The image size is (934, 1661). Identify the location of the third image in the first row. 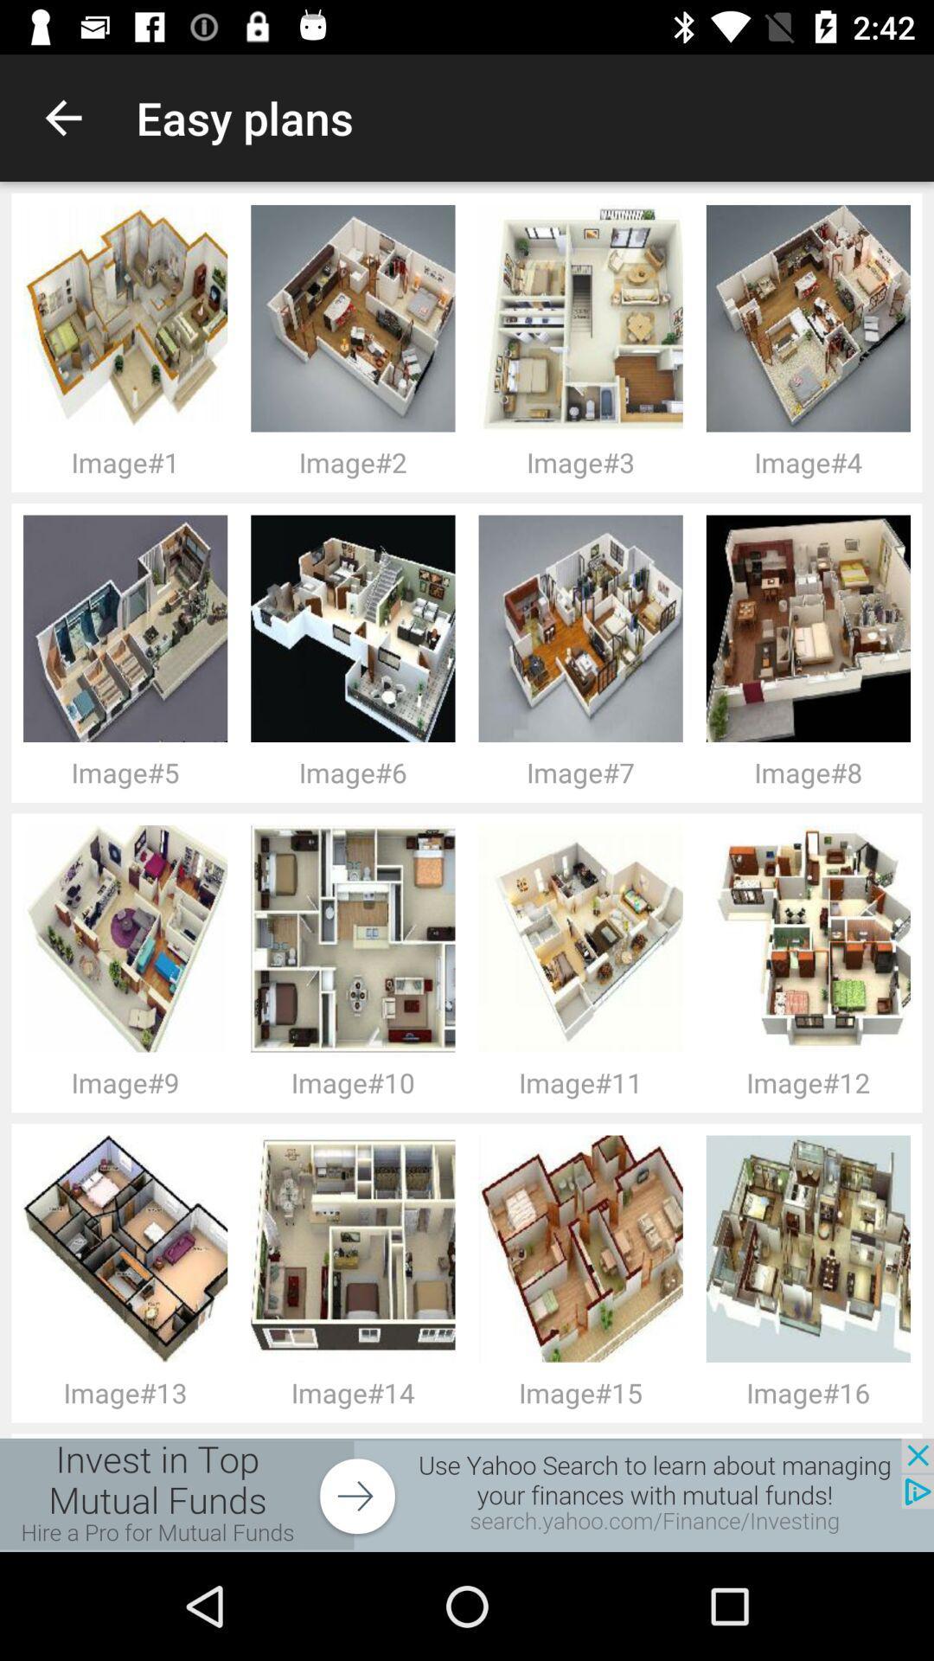
(130, 938).